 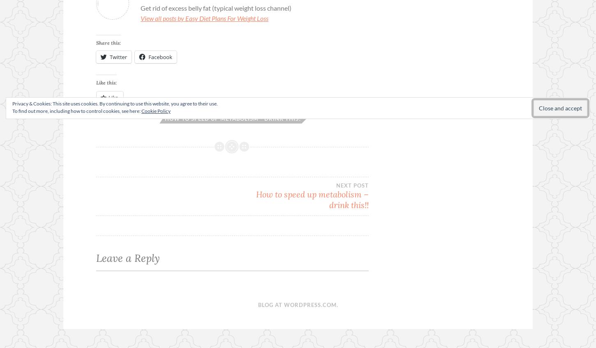 What do you see at coordinates (115, 103) in the screenshot?
I see `'Privacy & Cookies: This site uses cookies. By continuing to use this website, you agree to their use.'` at bounding box center [115, 103].